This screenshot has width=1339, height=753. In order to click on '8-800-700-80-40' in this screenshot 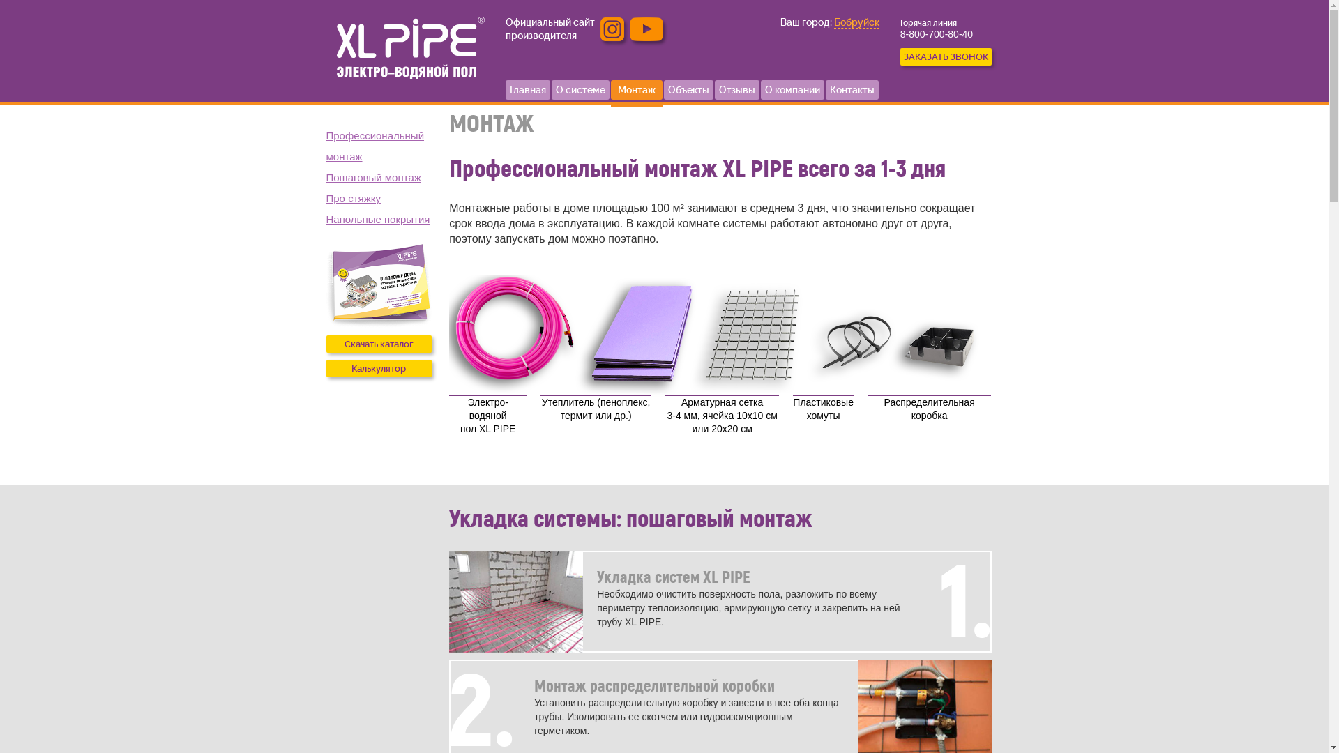, I will do `click(900, 33)`.